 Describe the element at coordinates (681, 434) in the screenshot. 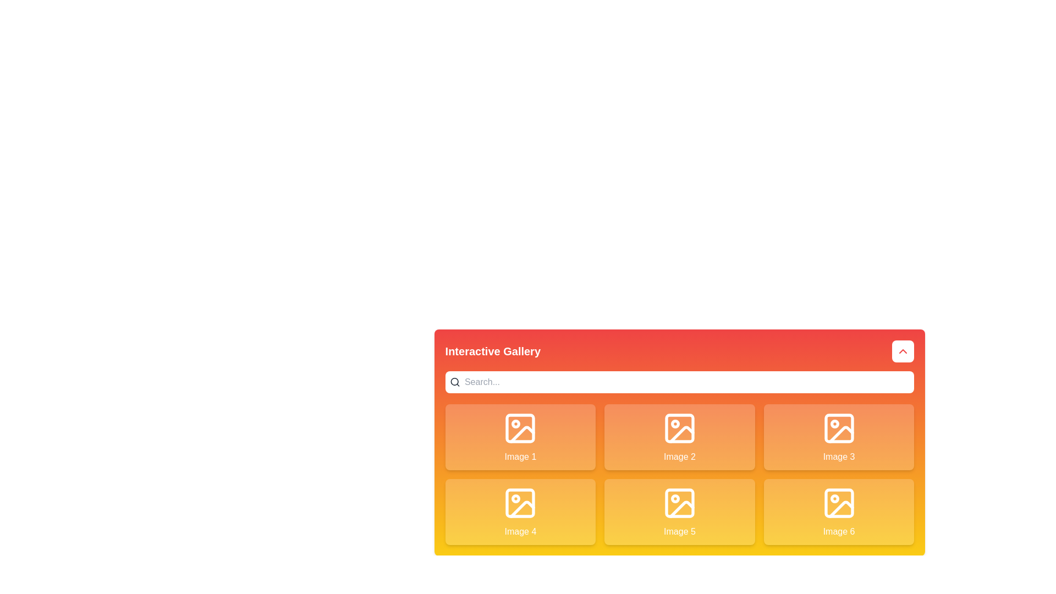

I see `the orange gradient square-shaped icon with a slanted line and triangle, located in the second box of the first row of the grid below the search bar` at that location.